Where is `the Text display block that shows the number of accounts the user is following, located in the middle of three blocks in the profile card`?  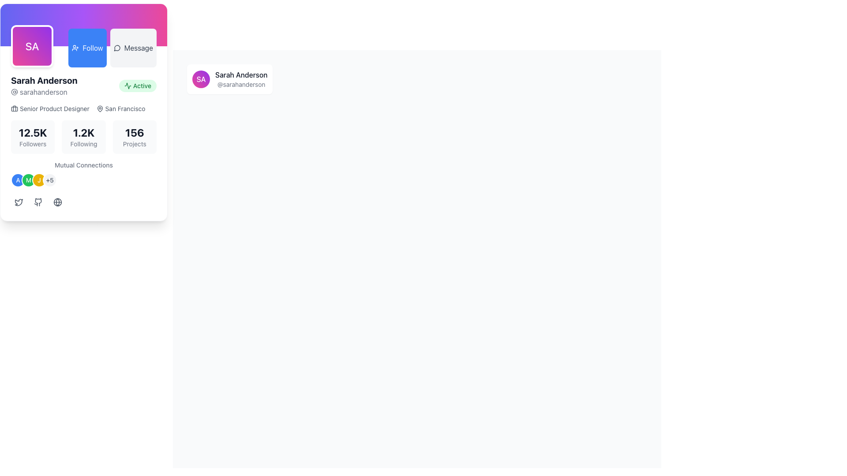
the Text display block that shows the number of accounts the user is following, located in the middle of three blocks in the profile card is located at coordinates (84, 137).